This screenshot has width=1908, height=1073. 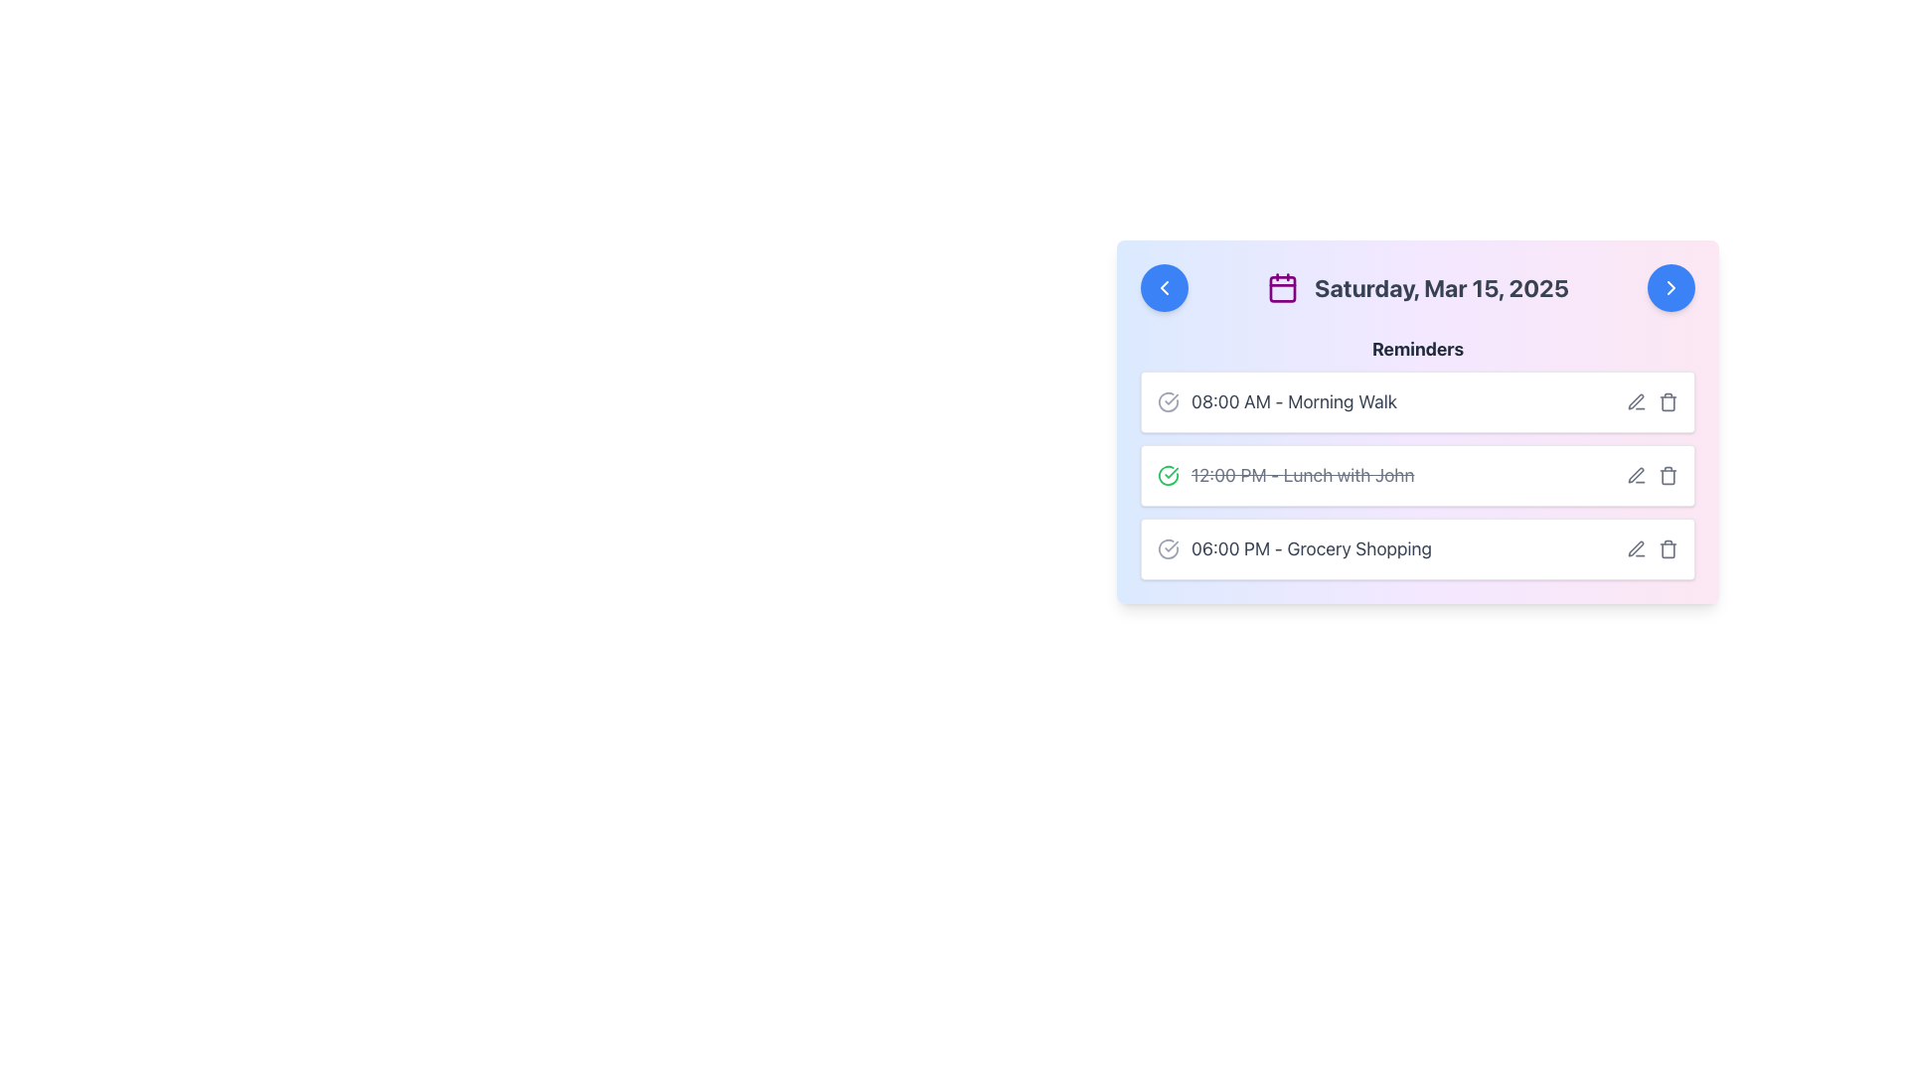 I want to click on the delete icon button located at the far right of the last row in the reminders list to change its color, so click(x=1669, y=548).